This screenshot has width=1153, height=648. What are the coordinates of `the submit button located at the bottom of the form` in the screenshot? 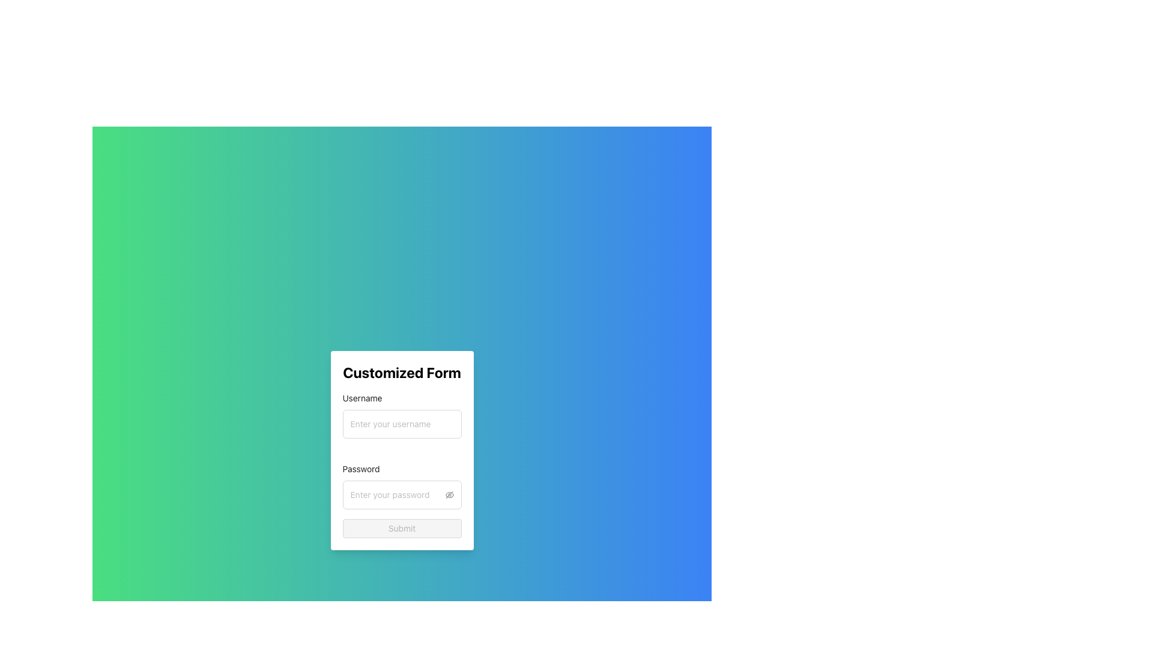 It's located at (402, 527).